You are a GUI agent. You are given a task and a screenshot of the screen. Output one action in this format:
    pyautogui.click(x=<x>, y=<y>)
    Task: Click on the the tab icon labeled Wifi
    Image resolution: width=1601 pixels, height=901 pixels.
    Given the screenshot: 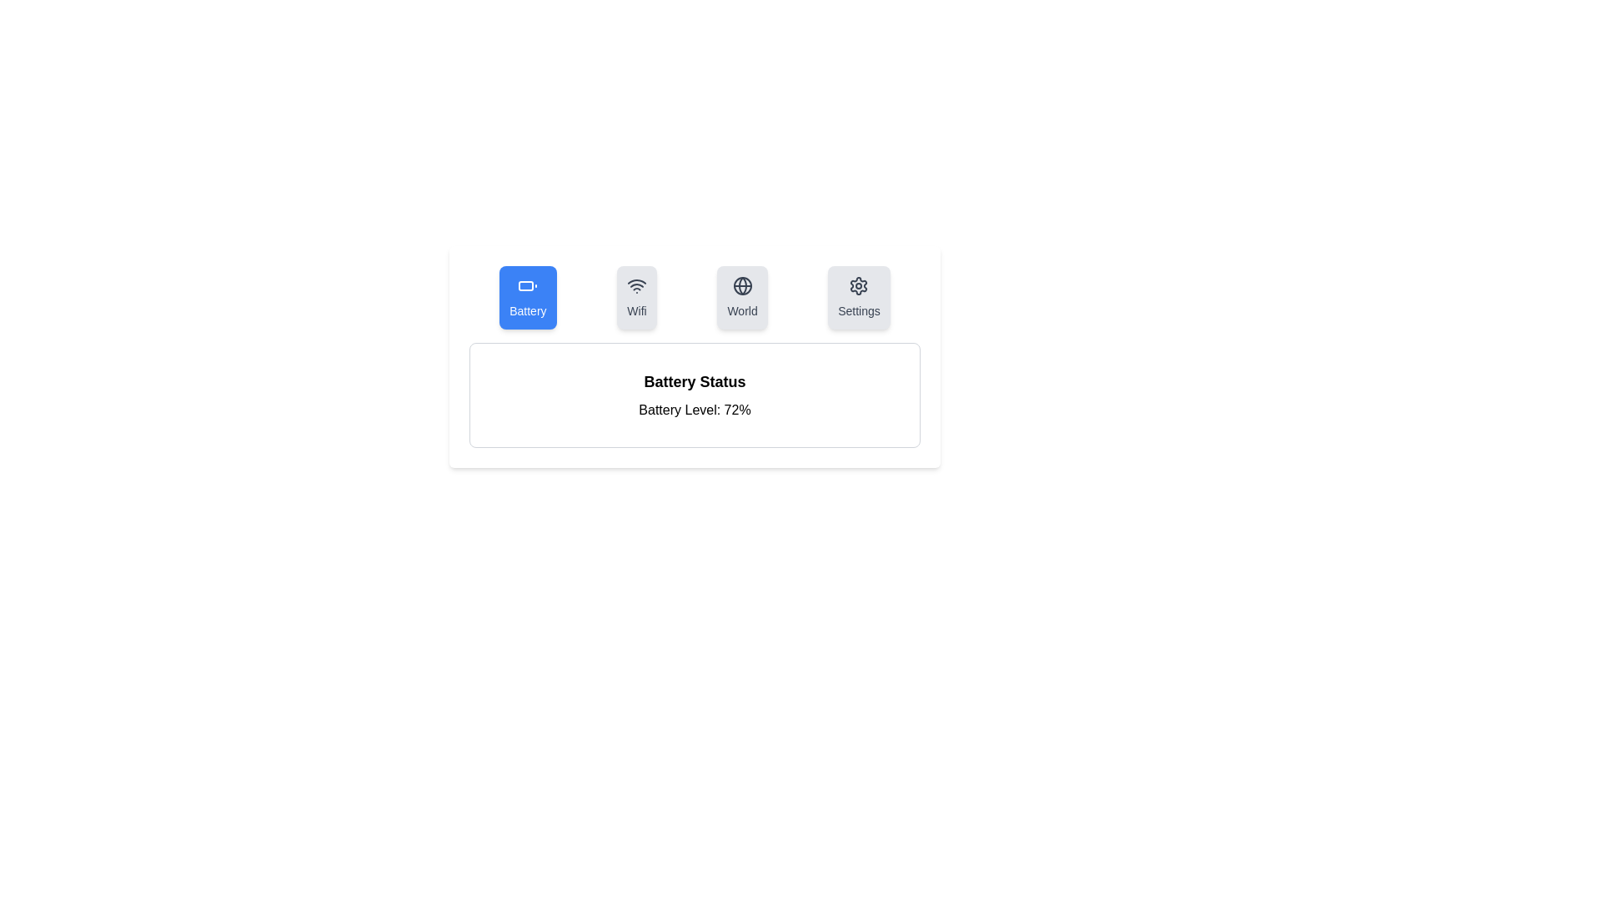 What is the action you would take?
    pyautogui.click(x=635, y=297)
    